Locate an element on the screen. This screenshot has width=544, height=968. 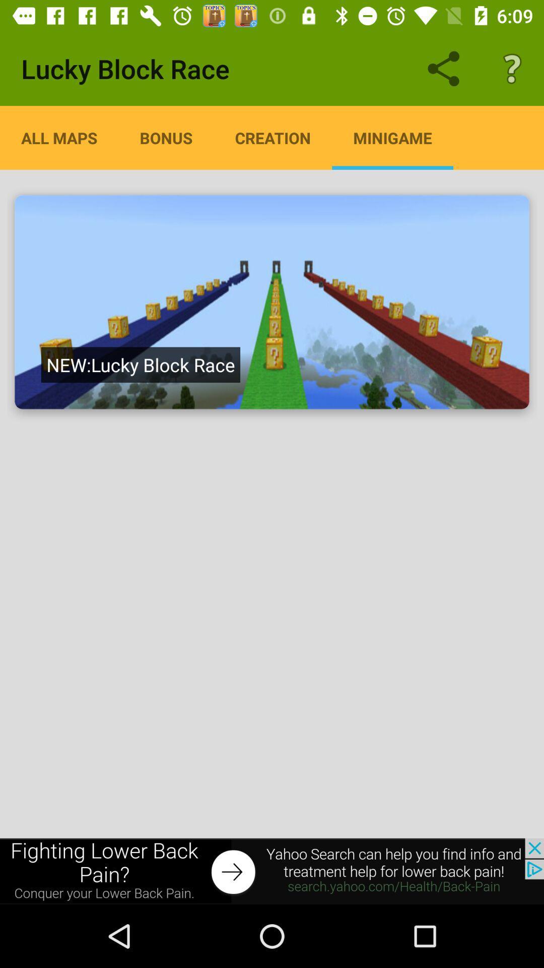
the text just right to bonus is located at coordinates (273, 137).